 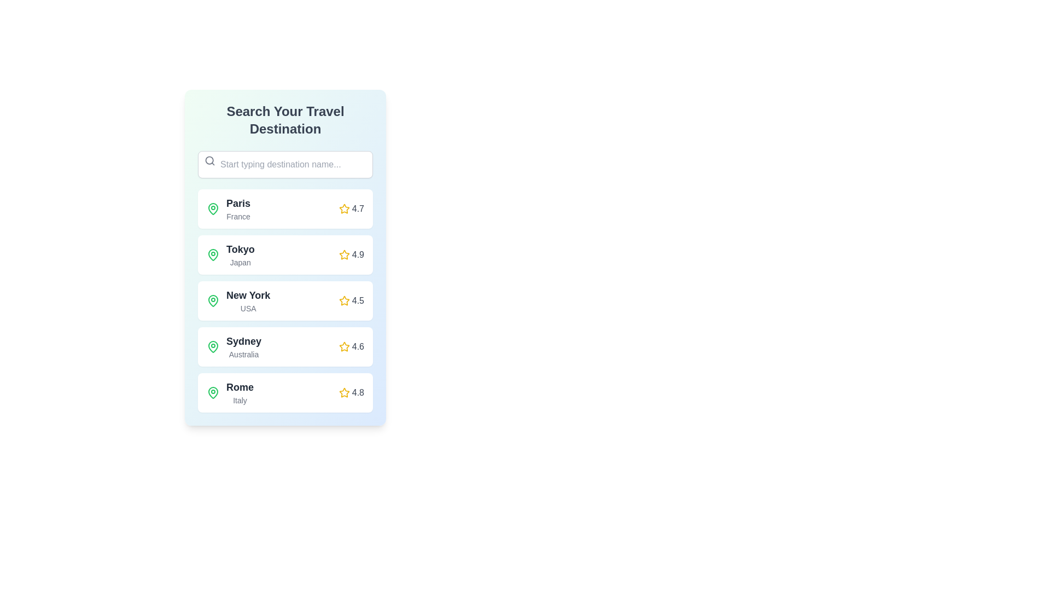 What do you see at coordinates (240, 387) in the screenshot?
I see `the text label displaying 'Rome', which is styled in bold dark gray and is located in the travel destination selection interface, above 'Italy' and to the right of the map pin icon` at bounding box center [240, 387].